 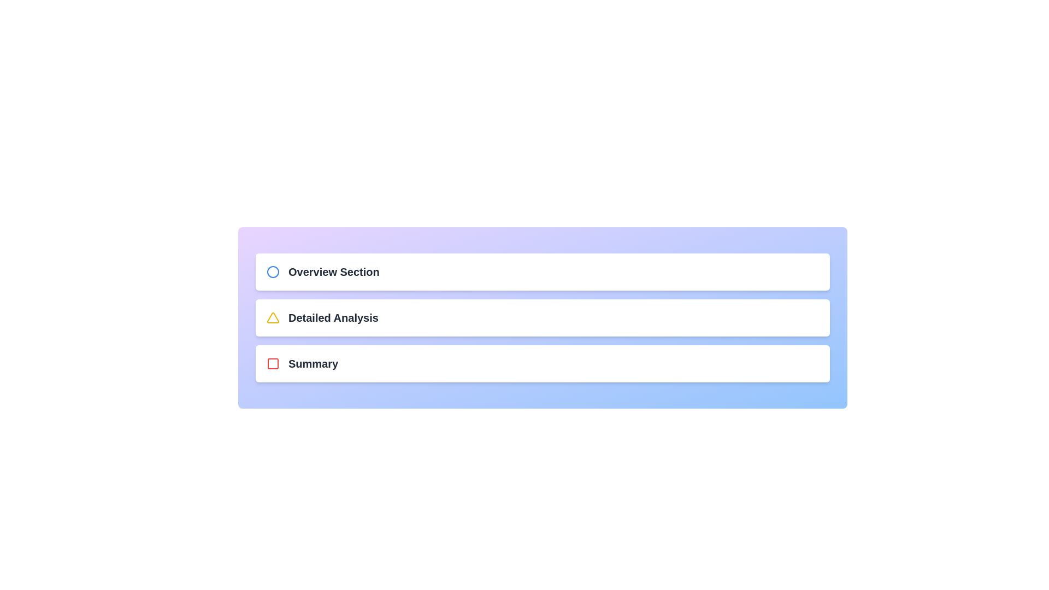 What do you see at coordinates (313, 364) in the screenshot?
I see `the bold, dark-gray text label reading 'Summary', which is positioned to the right of a red checkbox icon in a vertically stacked menu interface` at bounding box center [313, 364].